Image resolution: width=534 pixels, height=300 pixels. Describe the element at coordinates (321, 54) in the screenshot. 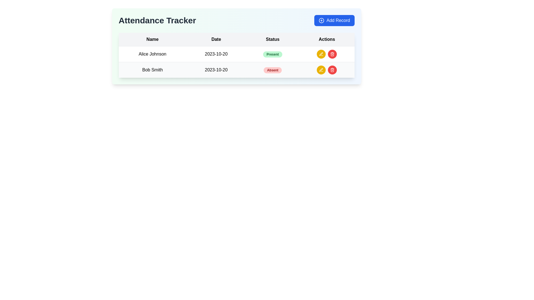

I see `the circular yellow button with a pen icon in the second row of the 'Actions' column` at that location.